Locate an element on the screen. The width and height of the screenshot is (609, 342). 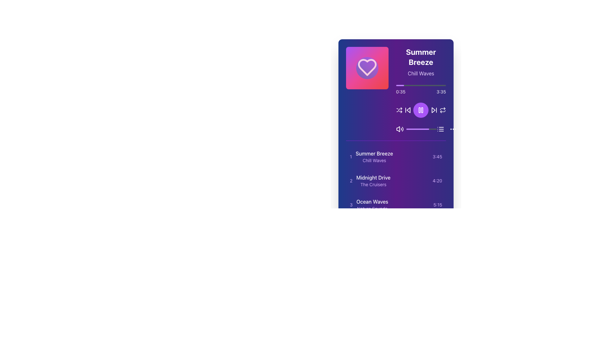
the progress bar, which has a gray background and a purple filled segment, to seek to a specific point is located at coordinates (421, 129).